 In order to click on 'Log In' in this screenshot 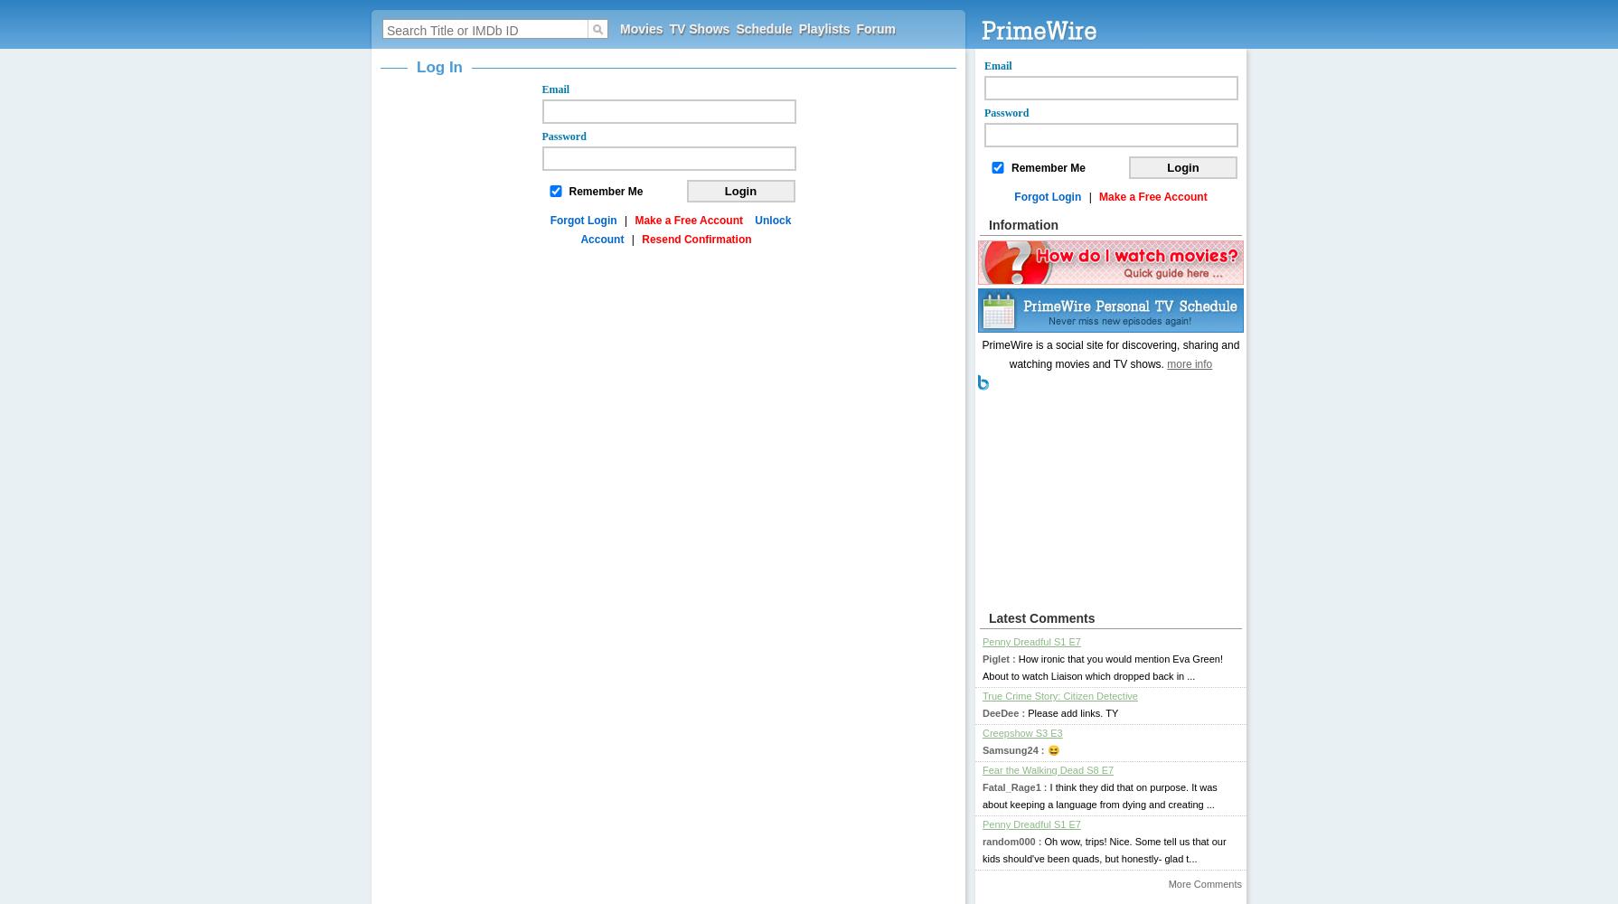, I will do `click(437, 66)`.